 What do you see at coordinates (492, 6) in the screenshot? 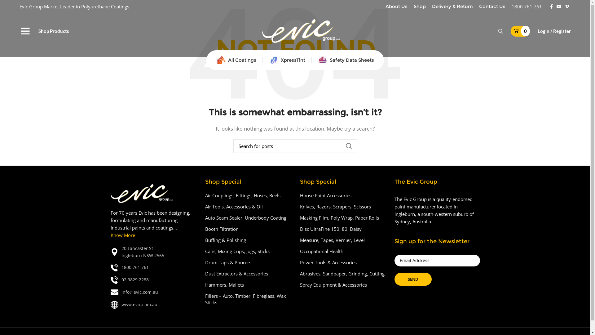
I see `'Contact Us'` at bounding box center [492, 6].